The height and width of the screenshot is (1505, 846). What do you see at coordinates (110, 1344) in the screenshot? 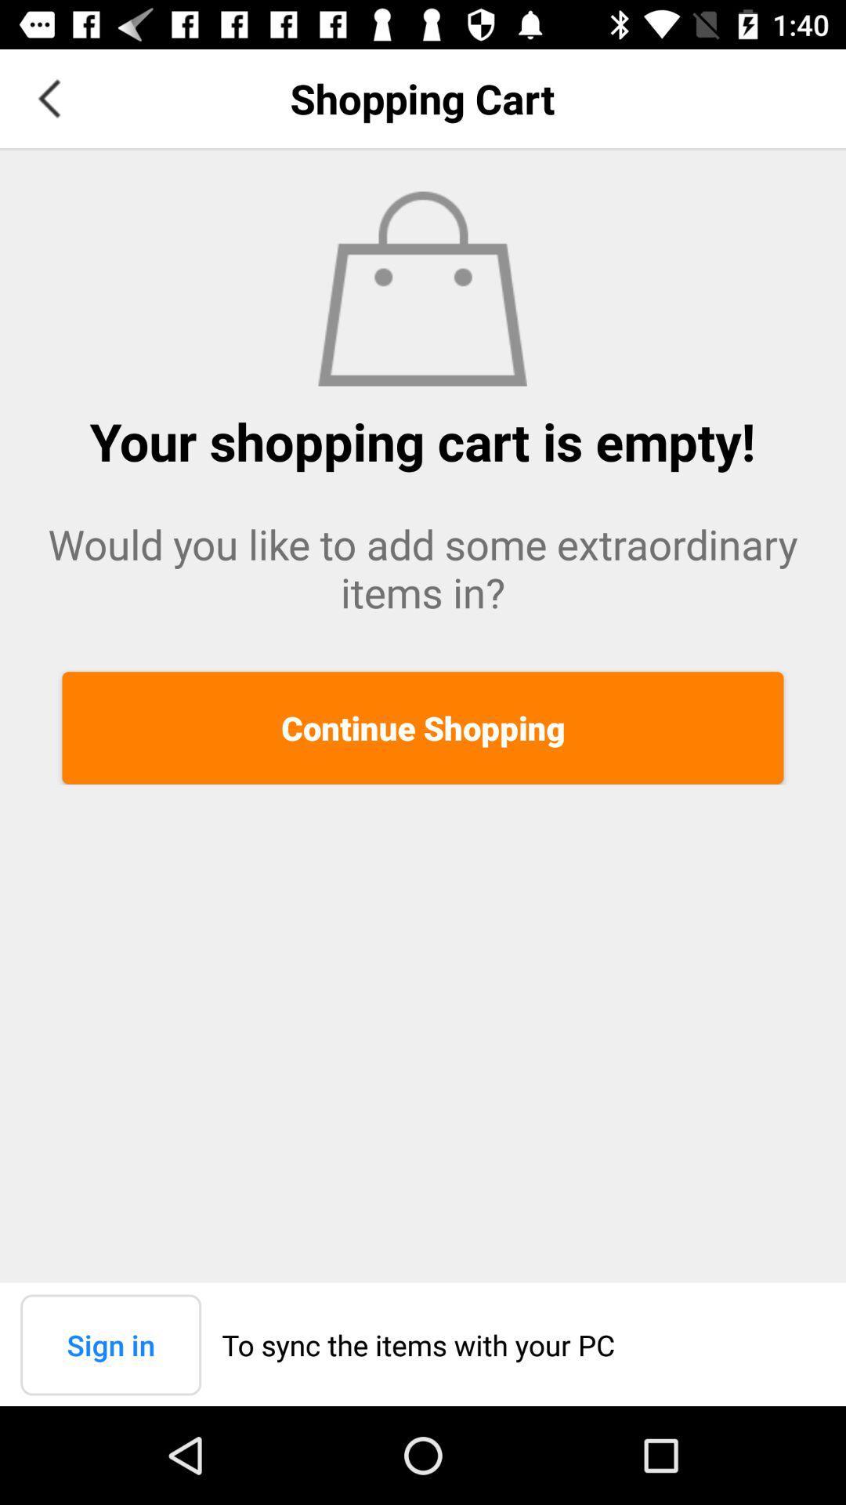
I see `the item to the left of the to sync the` at bounding box center [110, 1344].